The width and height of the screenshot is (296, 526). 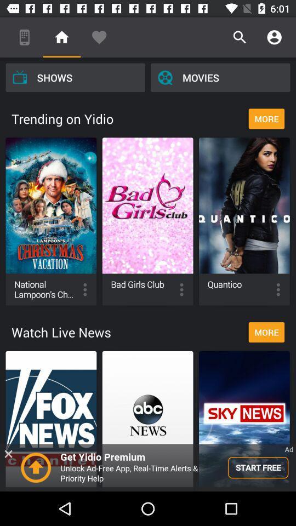 What do you see at coordinates (75, 77) in the screenshot?
I see `icon to the left of the movies icon` at bounding box center [75, 77].